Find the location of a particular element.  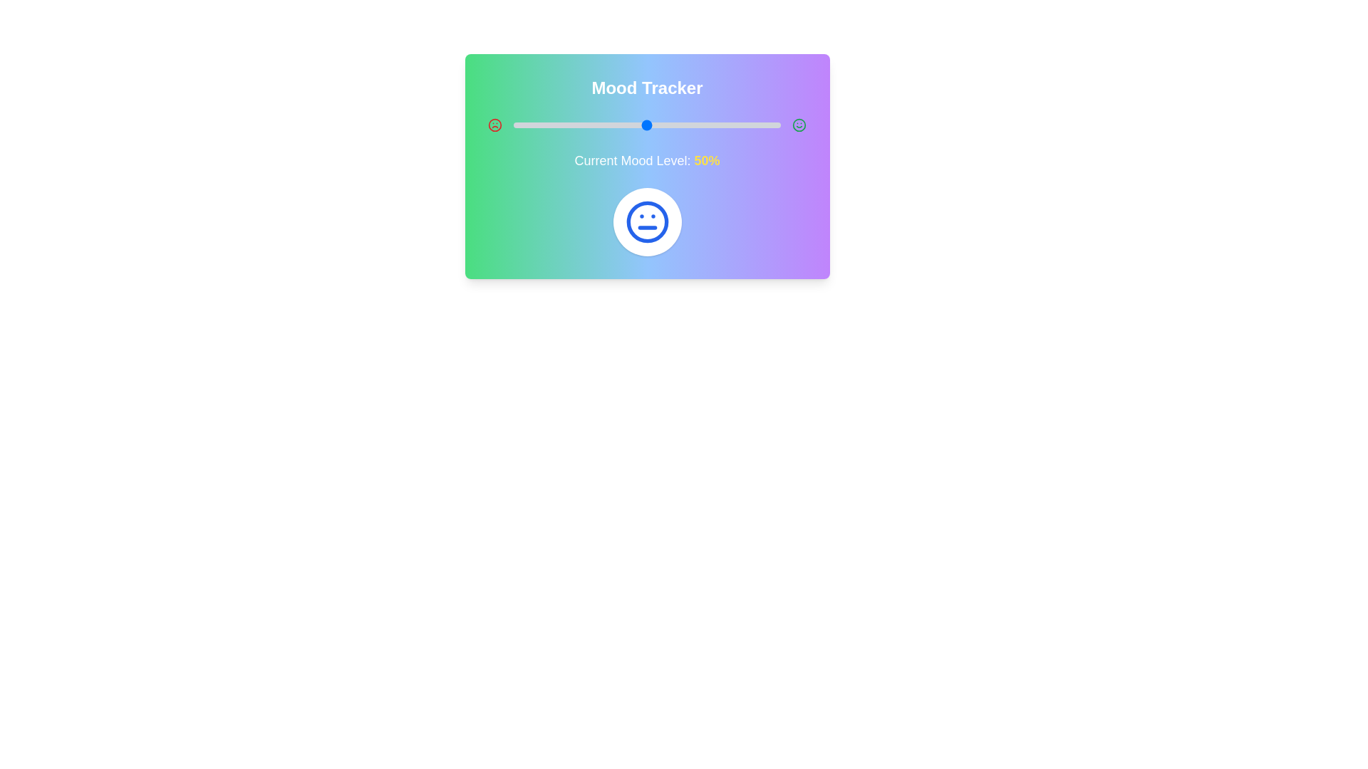

the mood level to 87% by dragging the slider is located at coordinates (745, 125).